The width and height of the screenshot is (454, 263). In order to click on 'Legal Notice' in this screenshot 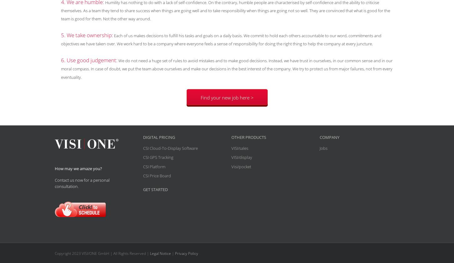, I will do `click(149, 253)`.